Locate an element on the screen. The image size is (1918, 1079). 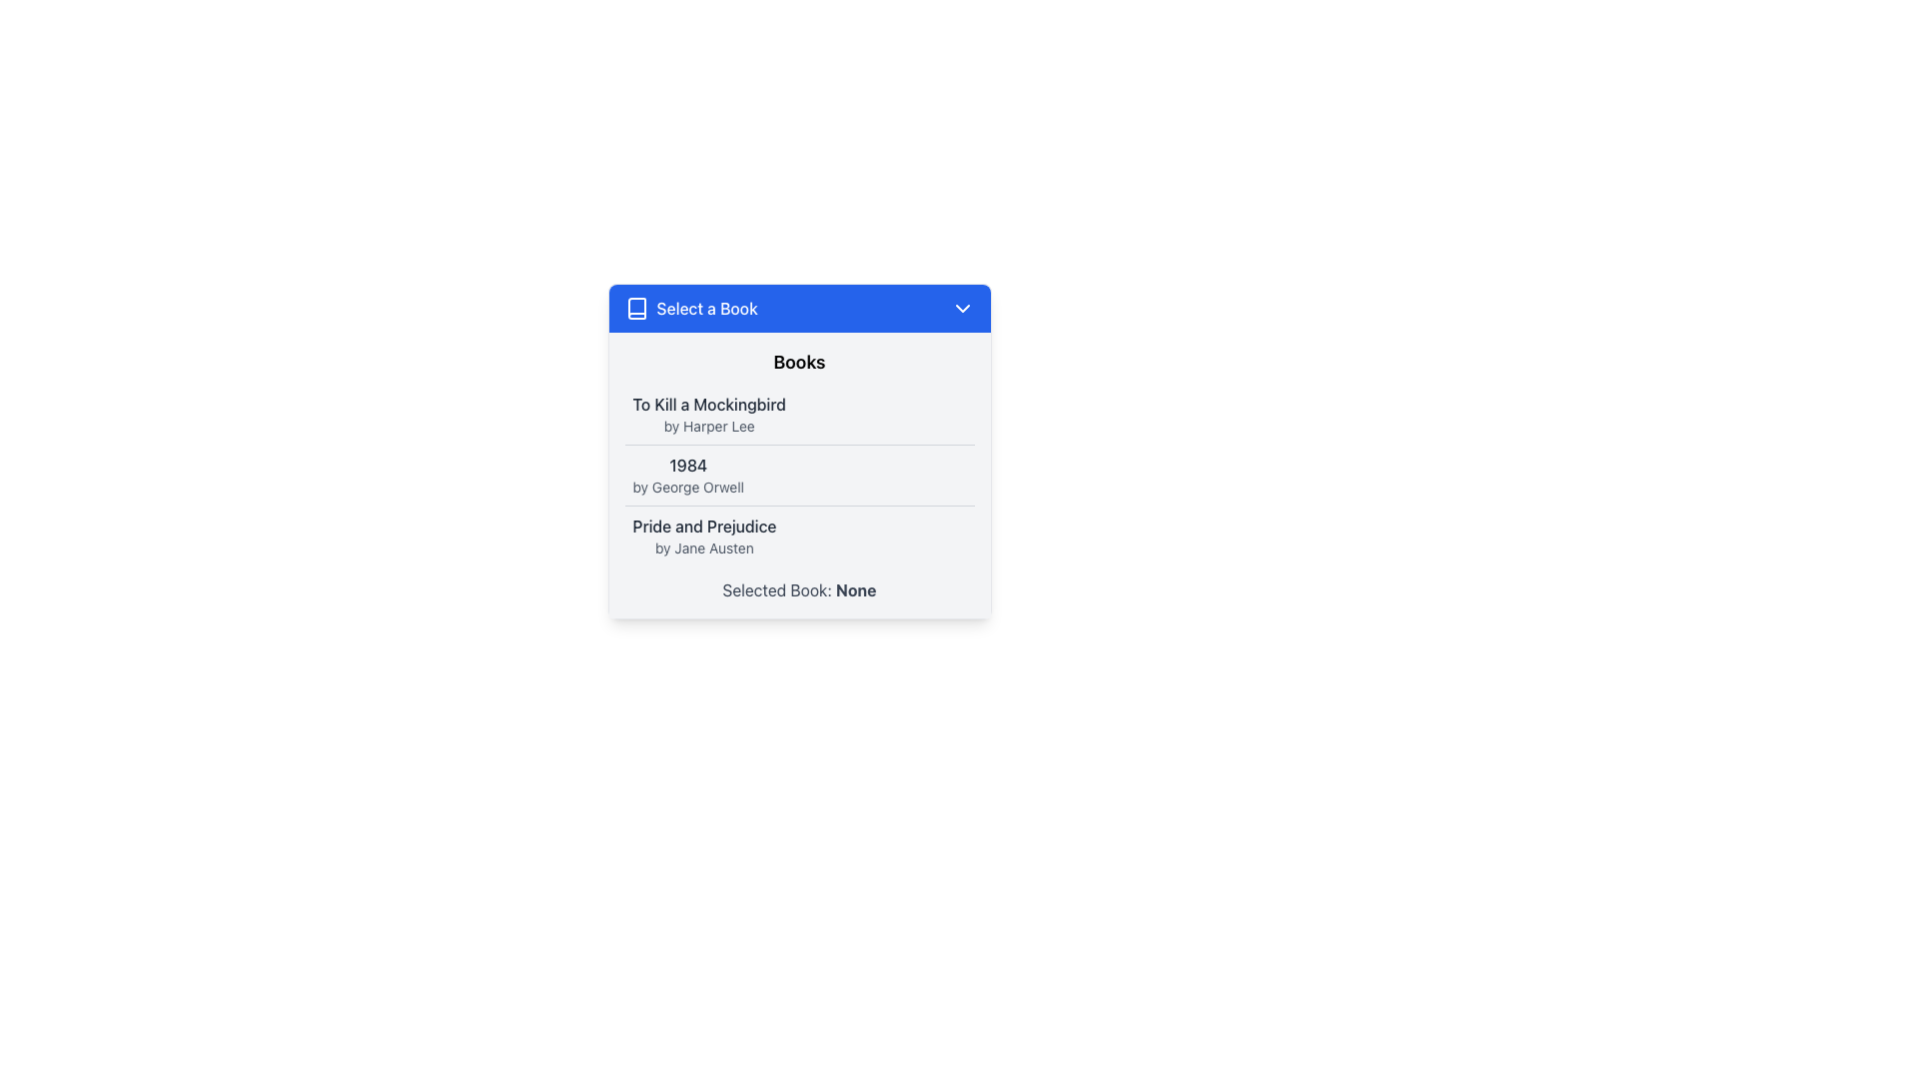
the text label that reads '1984' in bold, dark gray font, which is positioned centrally within the list of books is located at coordinates (688, 466).